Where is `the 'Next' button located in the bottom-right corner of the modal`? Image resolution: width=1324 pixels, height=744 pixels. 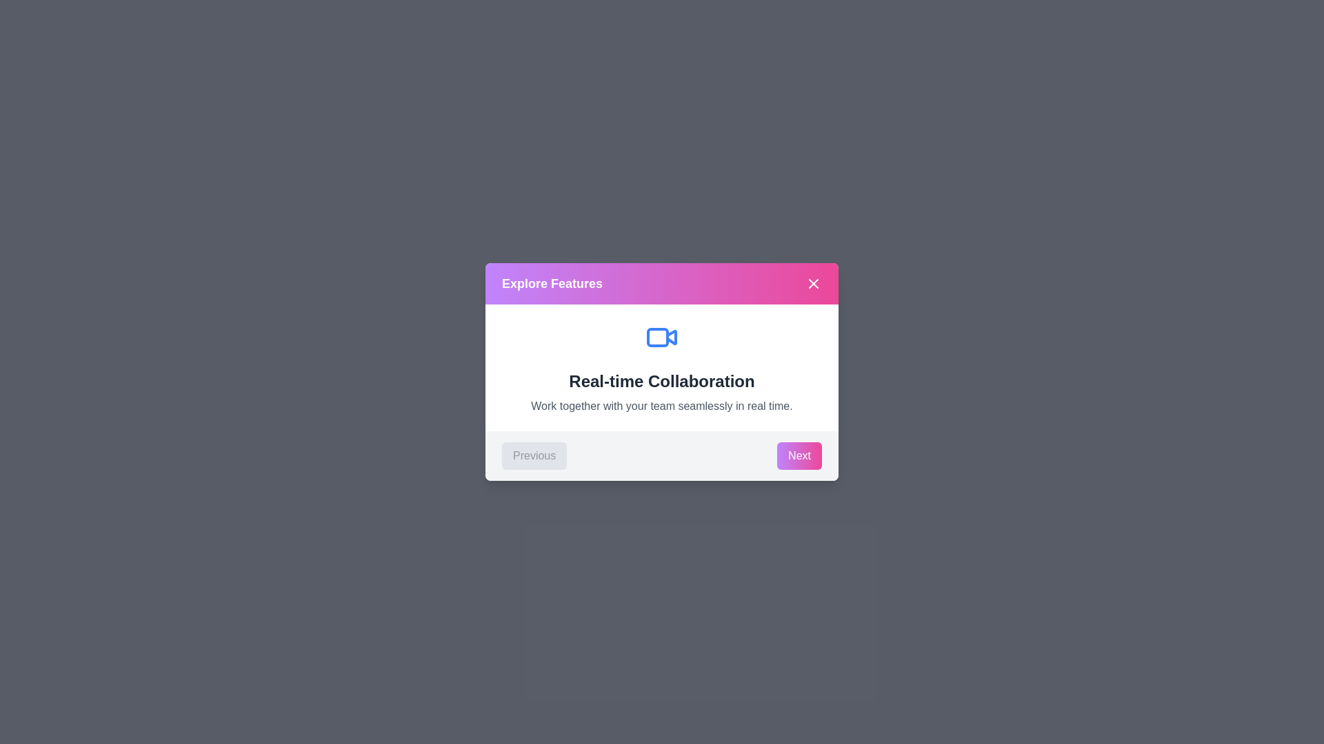
the 'Next' button located in the bottom-right corner of the modal is located at coordinates (799, 456).